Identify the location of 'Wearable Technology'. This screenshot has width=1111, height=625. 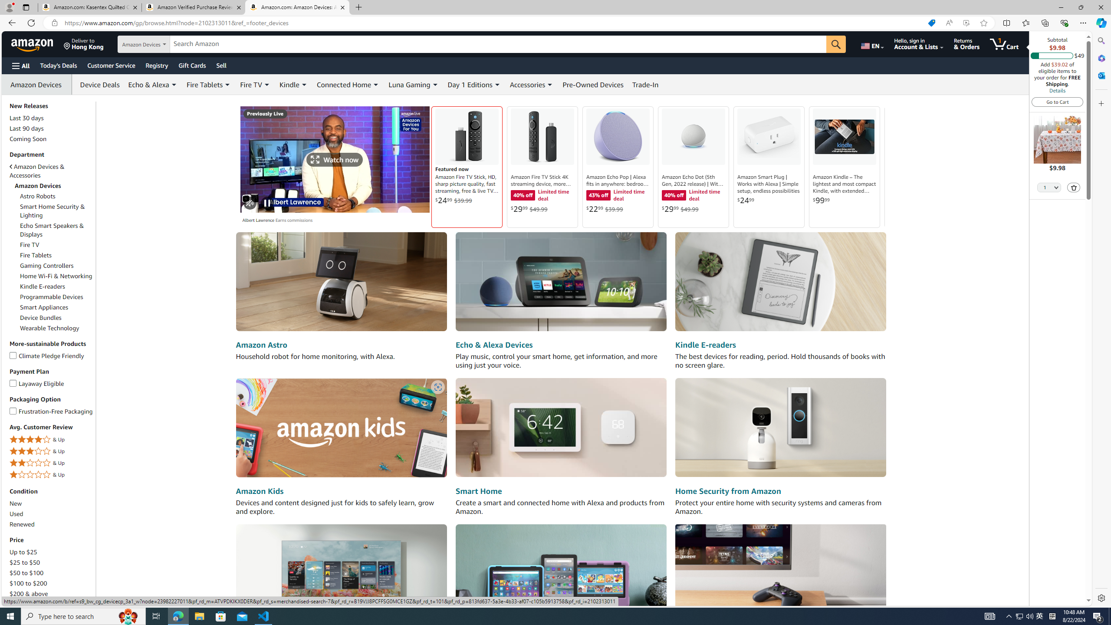
(56, 328).